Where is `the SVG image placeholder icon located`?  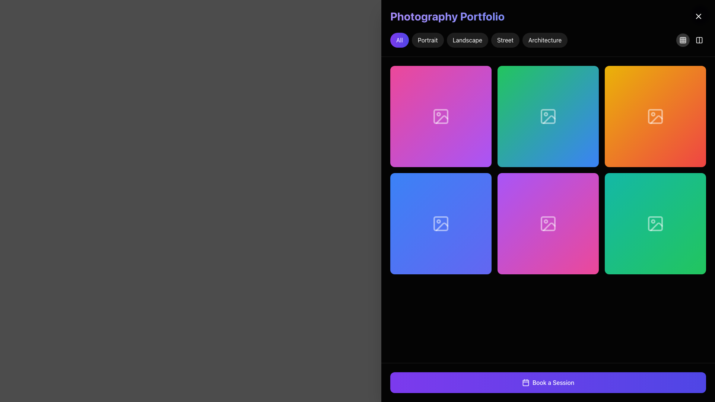
the SVG image placeholder icon located is located at coordinates (655, 223).